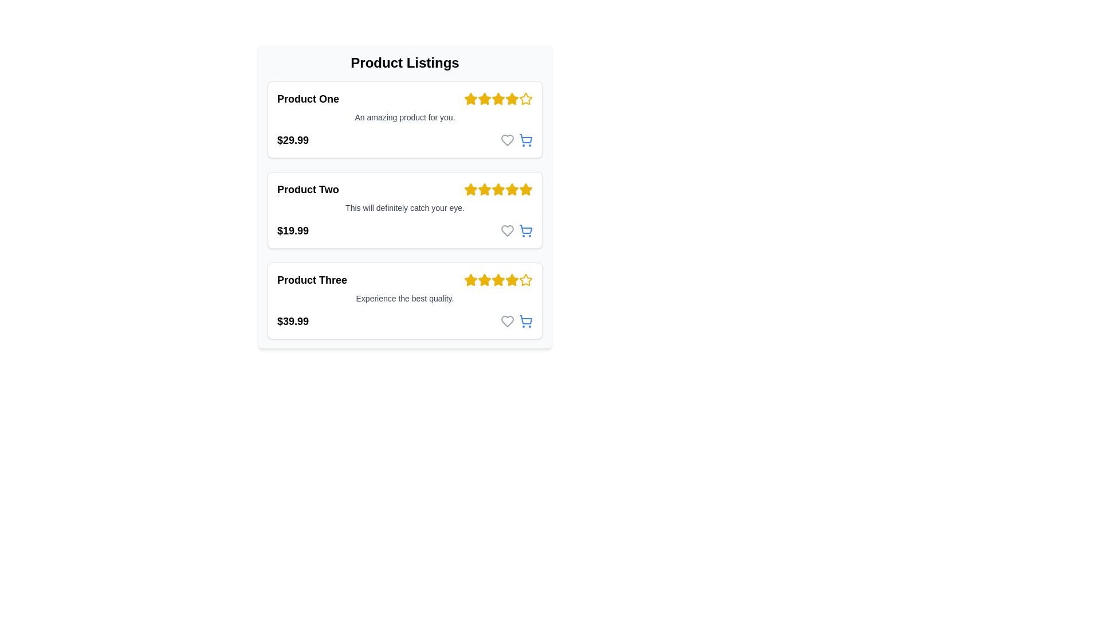 This screenshot has width=1100, height=619. I want to click on the yellow star icon used for rating in the 'Product Three' section, which is the first in a row of similar stars under the 'Product Listings' heading, so click(470, 280).